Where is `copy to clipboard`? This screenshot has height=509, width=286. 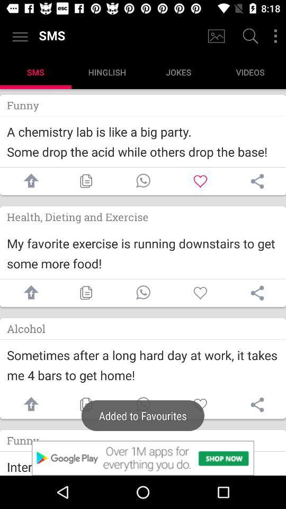
copy to clipboard is located at coordinates (85, 404).